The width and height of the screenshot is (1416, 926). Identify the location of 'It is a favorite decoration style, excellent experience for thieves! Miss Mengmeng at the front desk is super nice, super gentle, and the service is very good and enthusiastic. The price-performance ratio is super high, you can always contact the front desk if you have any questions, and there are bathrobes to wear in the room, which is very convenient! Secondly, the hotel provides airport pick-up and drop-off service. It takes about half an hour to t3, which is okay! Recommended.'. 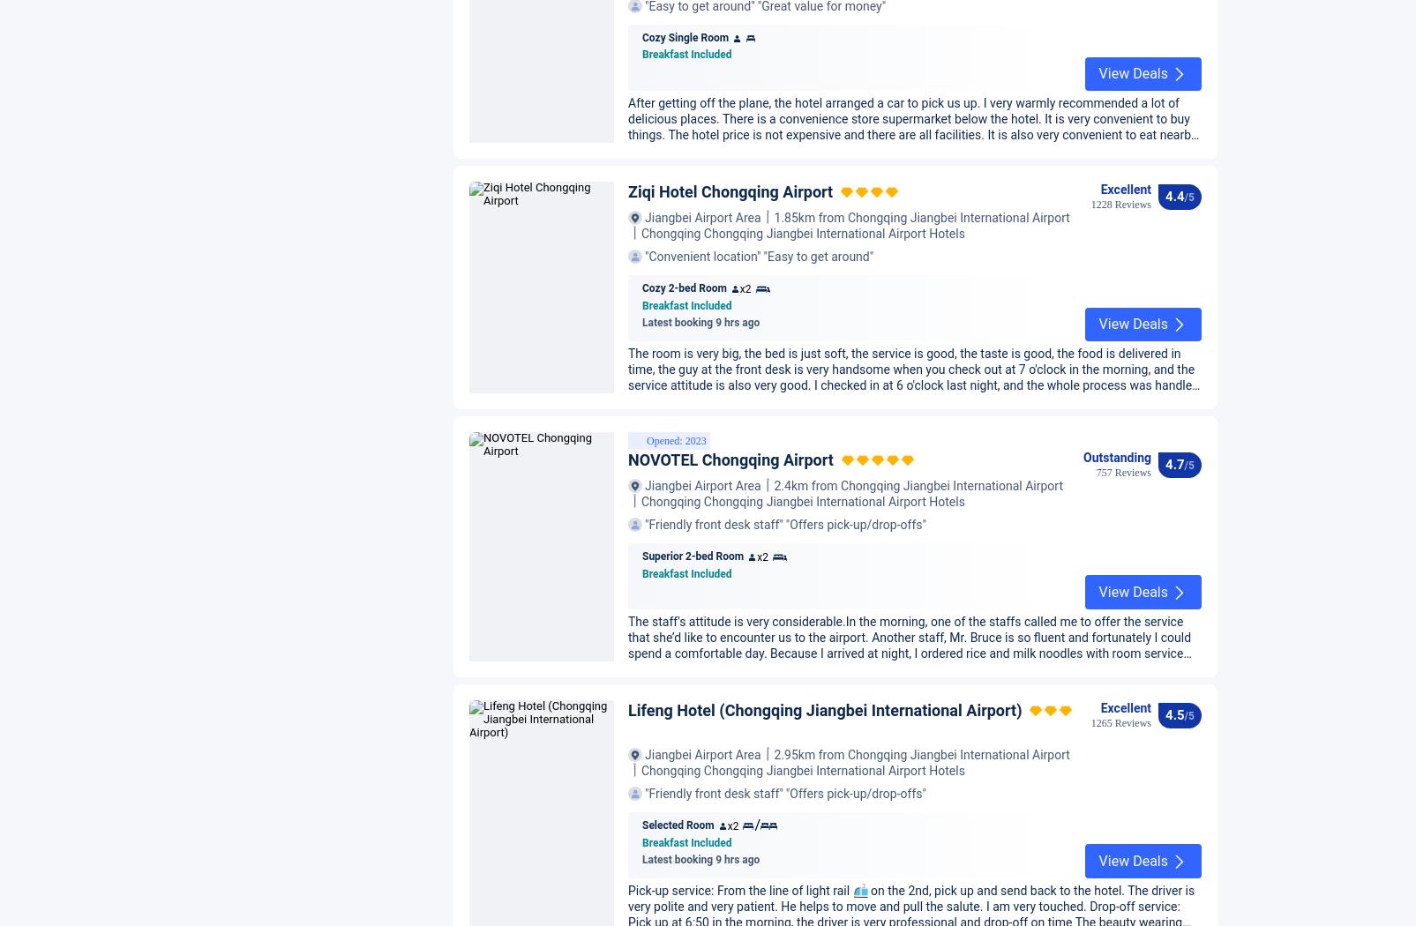
(908, 338).